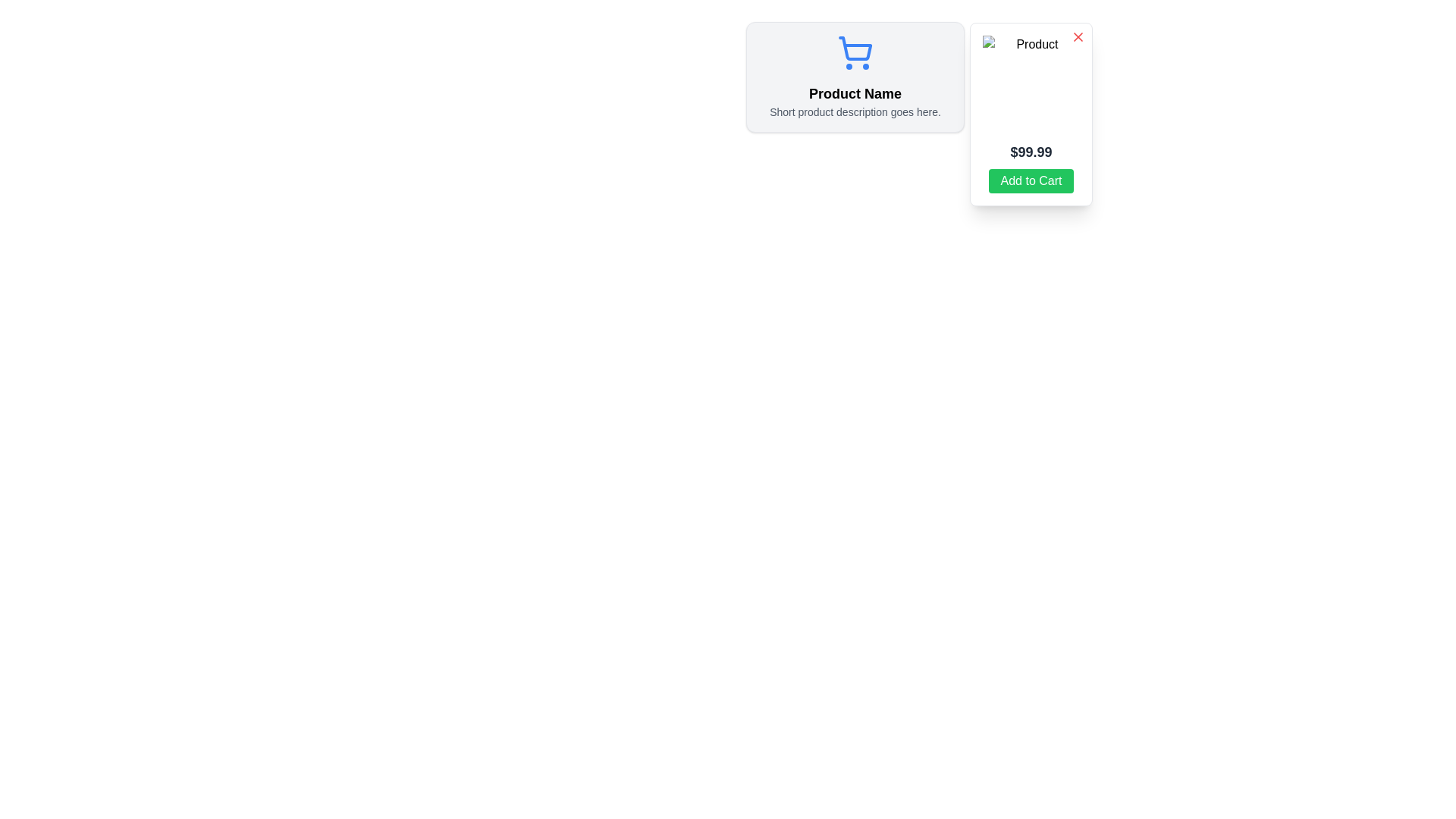 This screenshot has height=819, width=1456. What do you see at coordinates (1031, 152) in the screenshot?
I see `the text label displaying the product's price, which is center-aligned within the panel, located below the product image and above the 'Add to Cart' button` at bounding box center [1031, 152].